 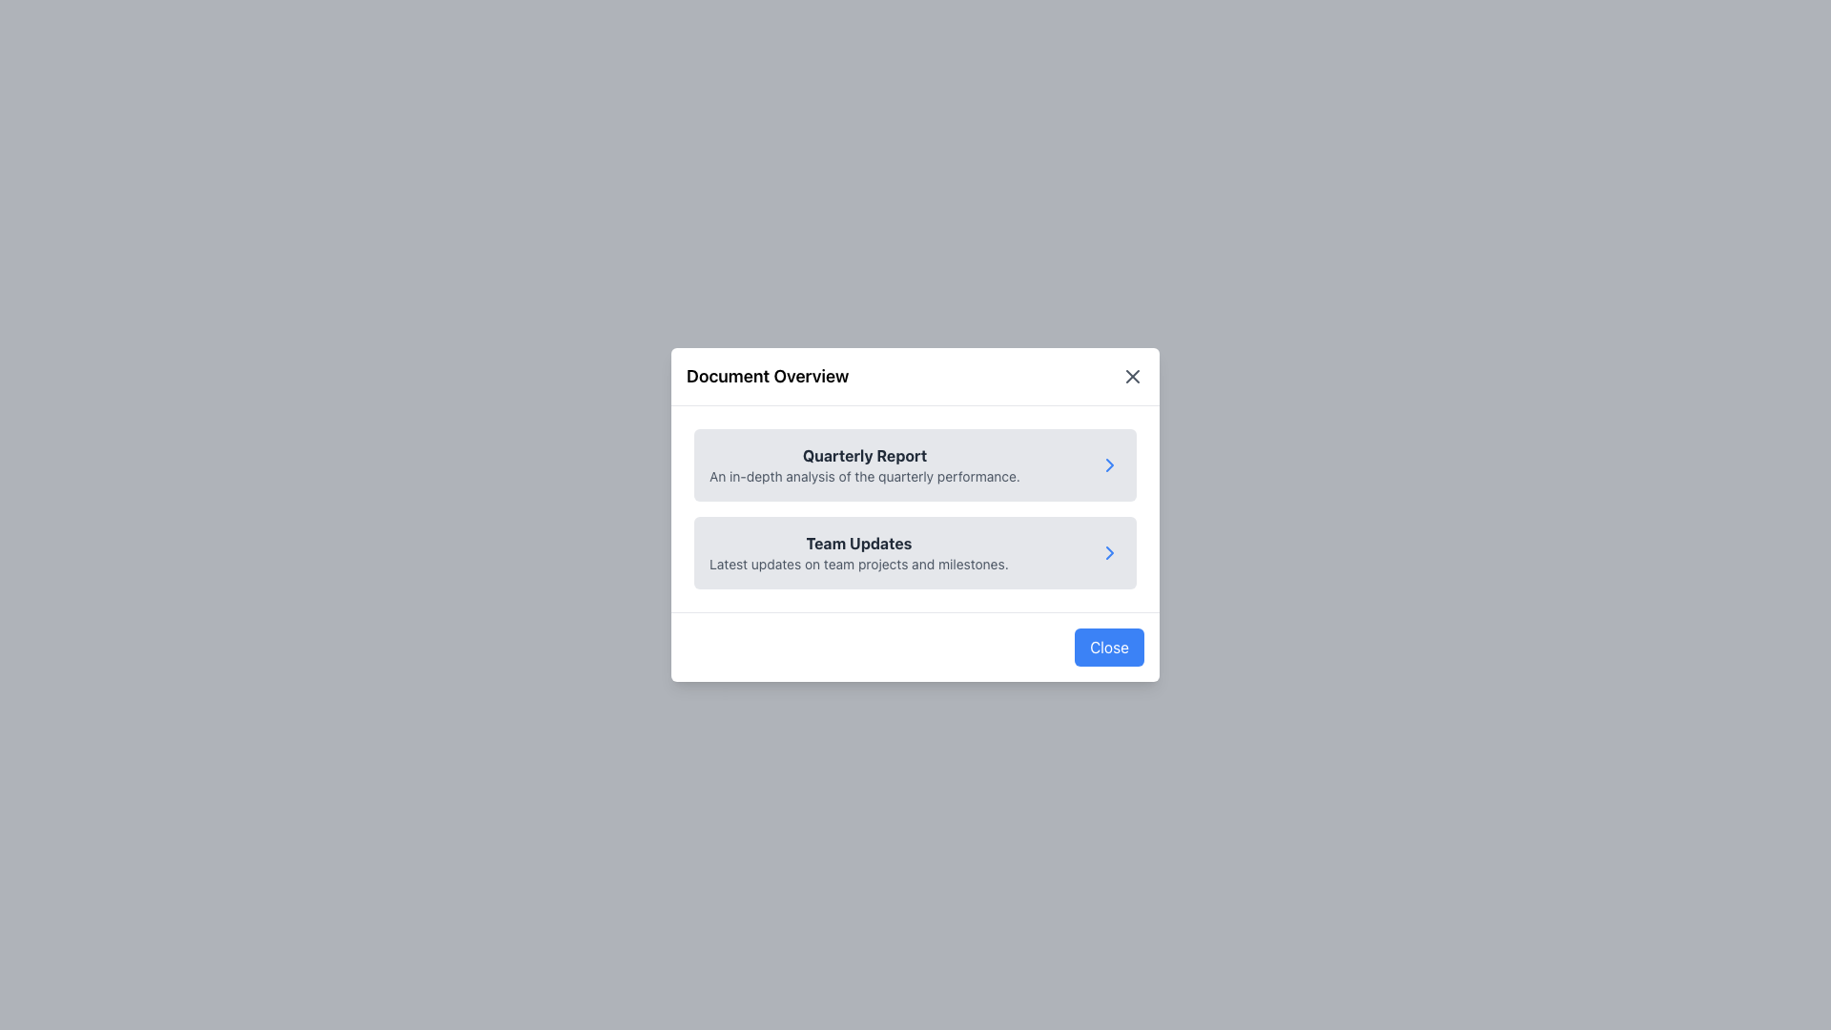 I want to click on the rightward-pointing chevron arrow in the 'Quarterly Report' section of the 'Document Overview' panel, so click(x=1109, y=465).